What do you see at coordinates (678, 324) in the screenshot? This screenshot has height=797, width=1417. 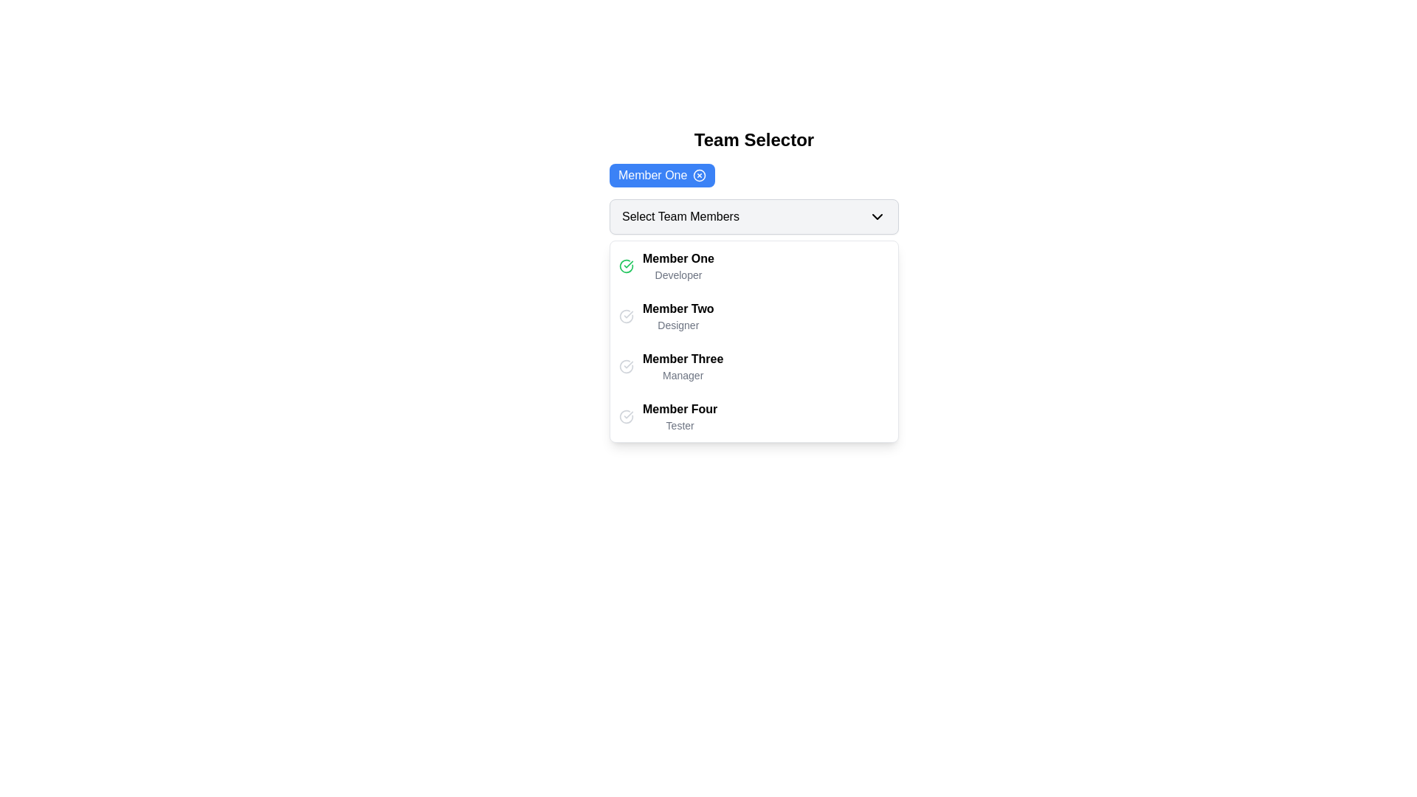 I see `the text label reading 'Designer', which is styled in small font size and light gray color, located beneath the name 'Member Two' in the team member dropdown list` at bounding box center [678, 324].